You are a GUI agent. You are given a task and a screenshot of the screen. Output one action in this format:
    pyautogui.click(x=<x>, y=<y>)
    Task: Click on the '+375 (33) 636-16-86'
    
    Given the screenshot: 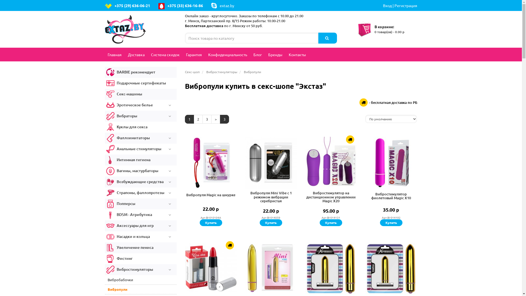 What is the action you would take?
    pyautogui.click(x=181, y=5)
    